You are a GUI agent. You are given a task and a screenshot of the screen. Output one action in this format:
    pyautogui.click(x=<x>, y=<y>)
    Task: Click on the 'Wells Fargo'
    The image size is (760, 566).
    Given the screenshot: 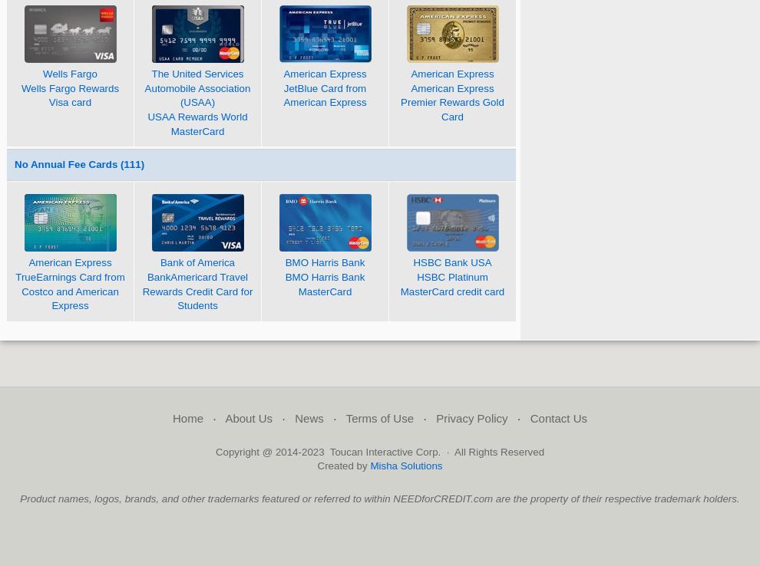 What is the action you would take?
    pyautogui.click(x=69, y=73)
    